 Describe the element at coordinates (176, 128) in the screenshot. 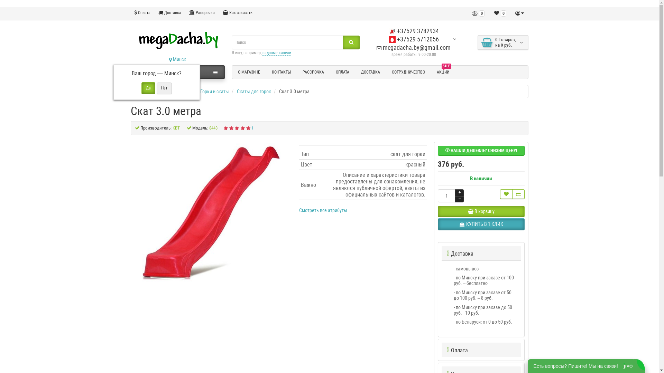

I see `'KBT'` at that location.